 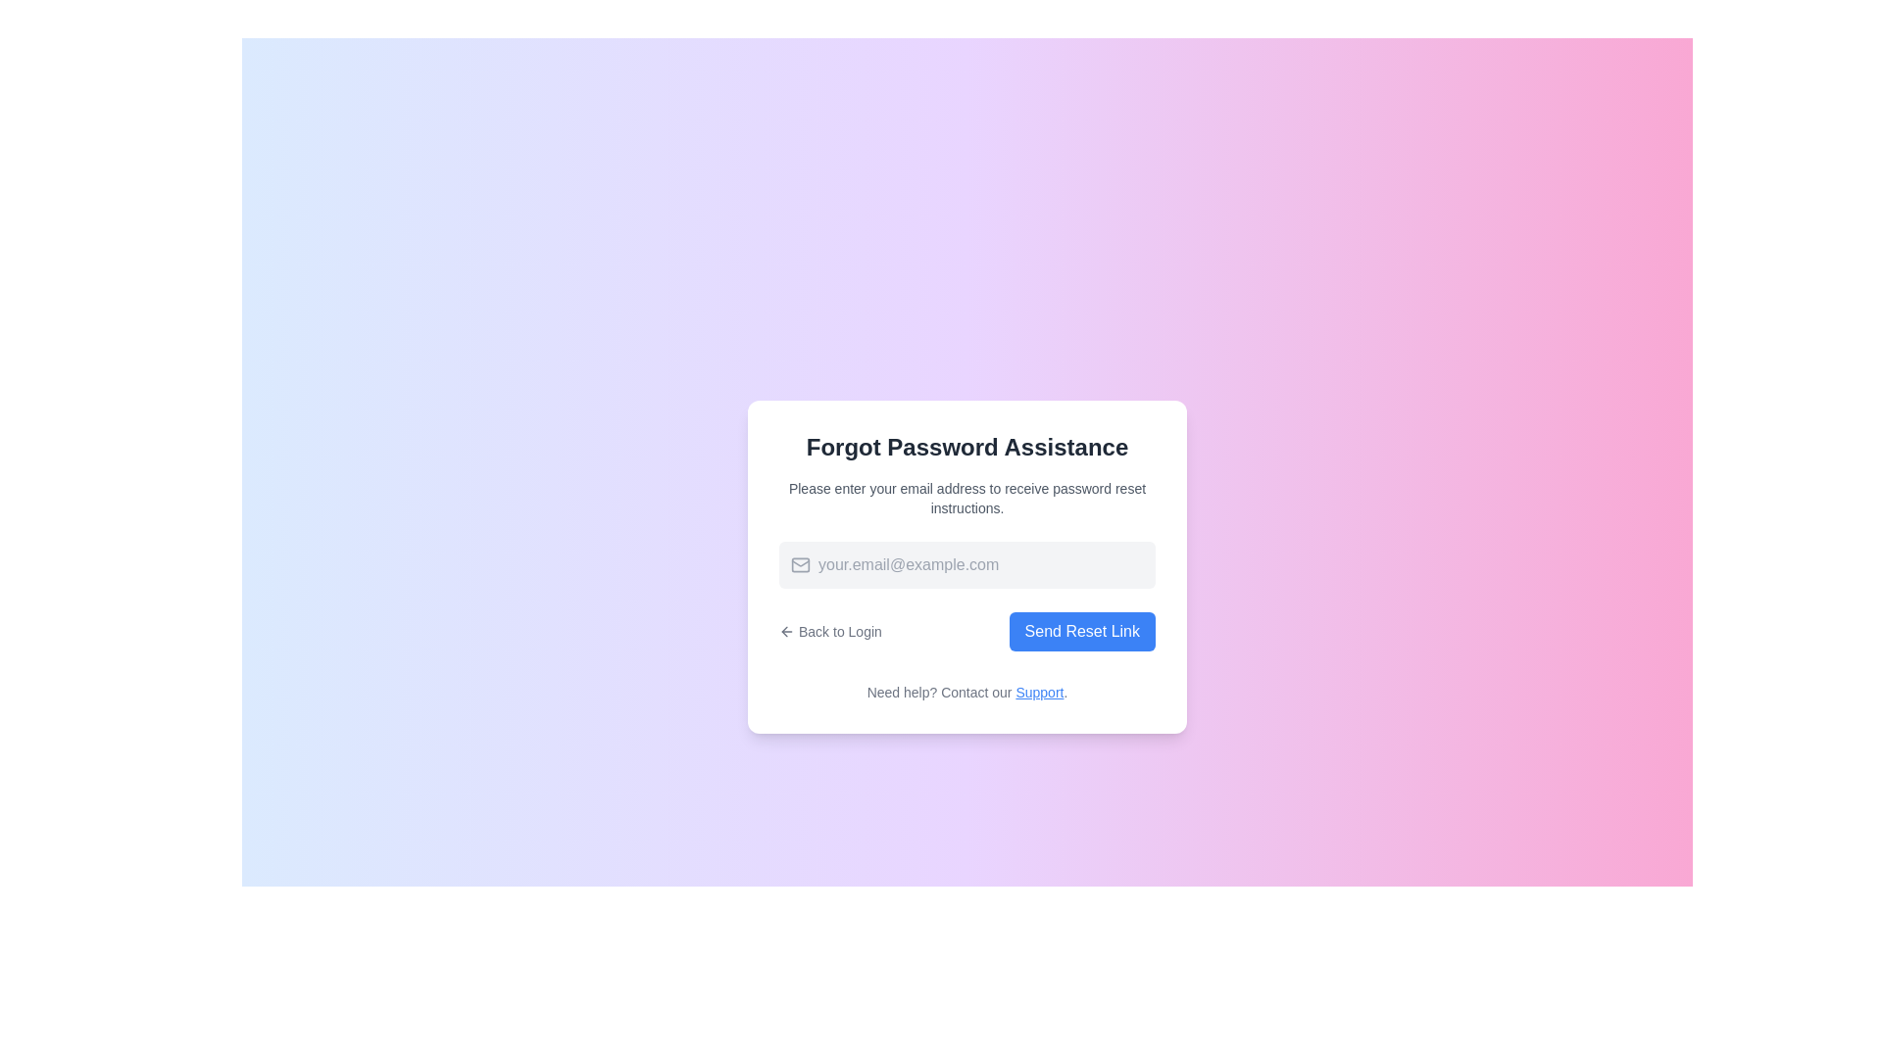 What do you see at coordinates (784, 631) in the screenshot?
I see `the left-pointing arrow icon that indicates backward navigation, located next to the 'Back to Login' text` at bounding box center [784, 631].